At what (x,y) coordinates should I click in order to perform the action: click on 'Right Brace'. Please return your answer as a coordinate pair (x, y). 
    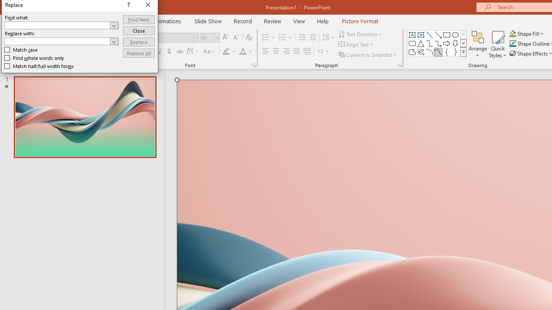
    Looking at the image, I should click on (455, 52).